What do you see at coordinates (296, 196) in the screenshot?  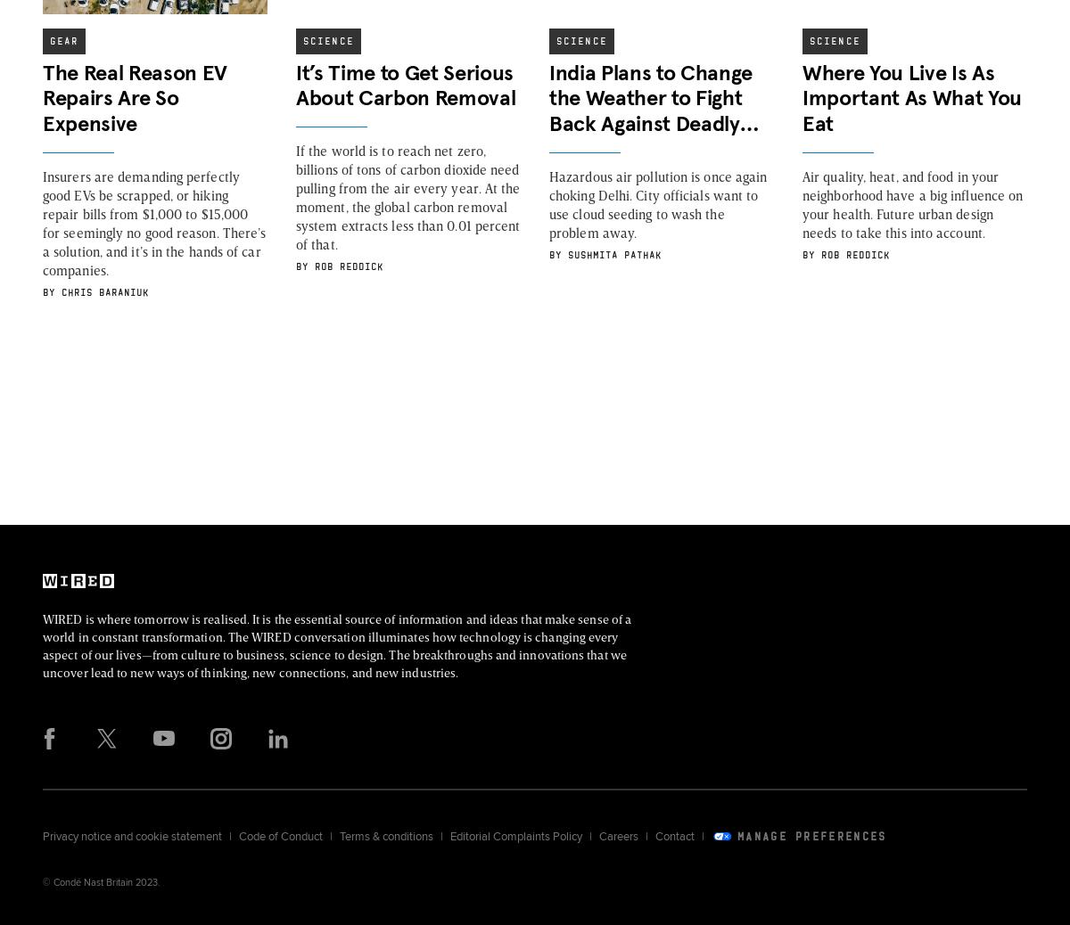 I see `'If the world is to reach net zero, billions of tons of carbon dioxide need pulling from the air every year. At the moment, the global carbon removal system extracts less than 0.01 percent of that.'` at bounding box center [296, 196].